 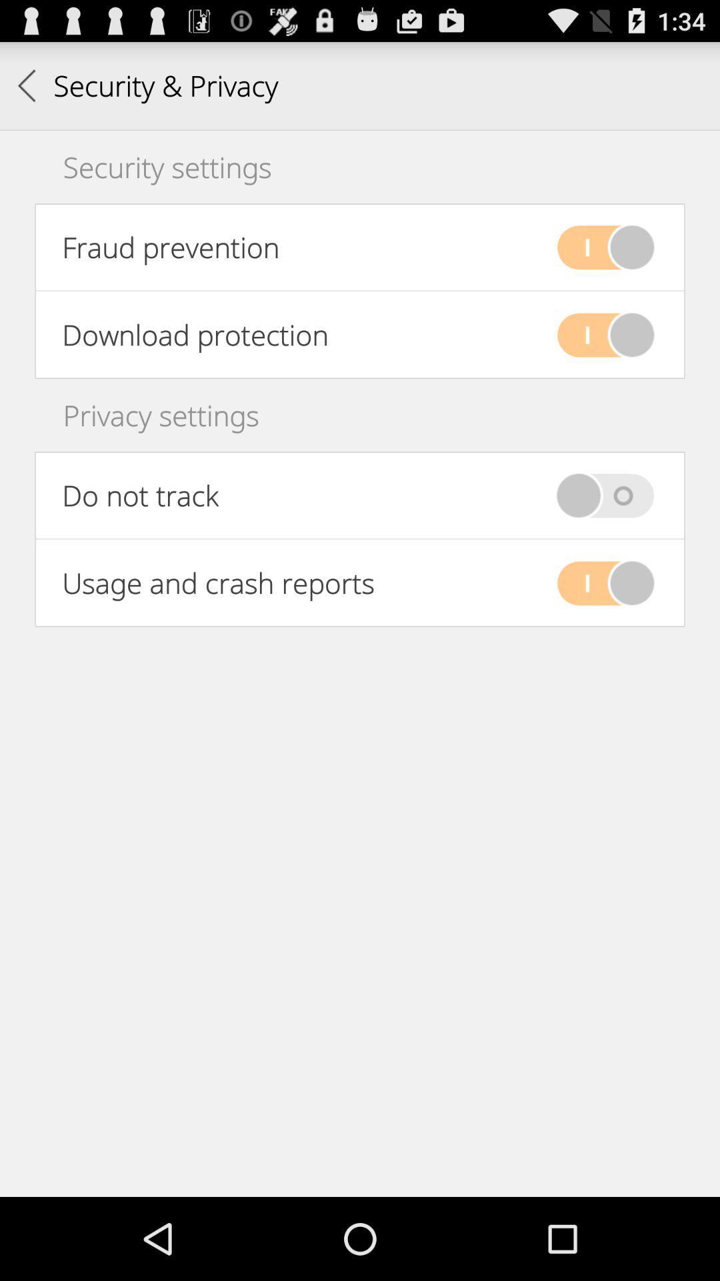 What do you see at coordinates (147, 85) in the screenshot?
I see `item above the security settings icon` at bounding box center [147, 85].